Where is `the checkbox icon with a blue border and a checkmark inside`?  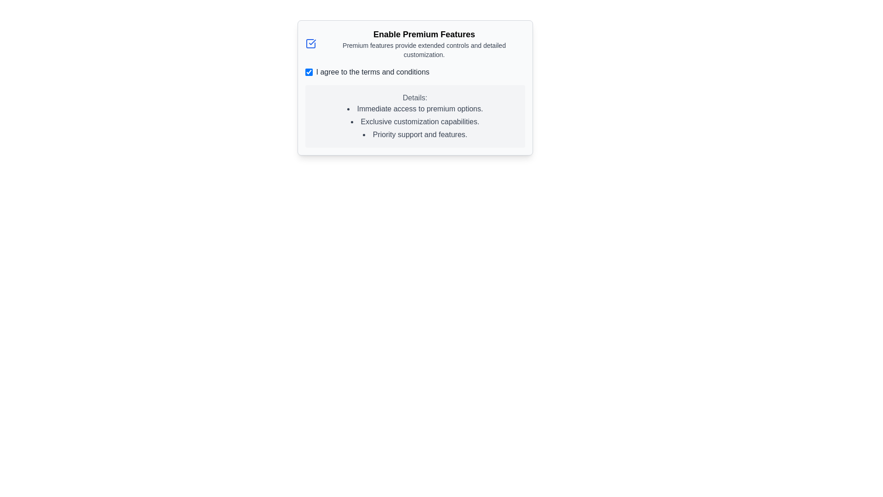 the checkbox icon with a blue border and a checkmark inside is located at coordinates (310, 44).